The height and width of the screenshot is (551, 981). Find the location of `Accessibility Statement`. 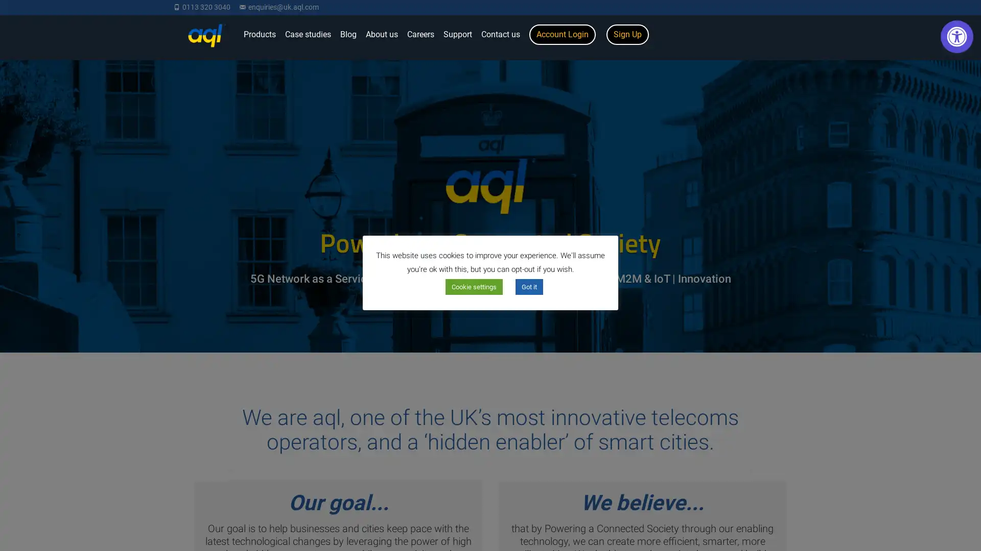

Accessibility Statement is located at coordinates (854, 337).